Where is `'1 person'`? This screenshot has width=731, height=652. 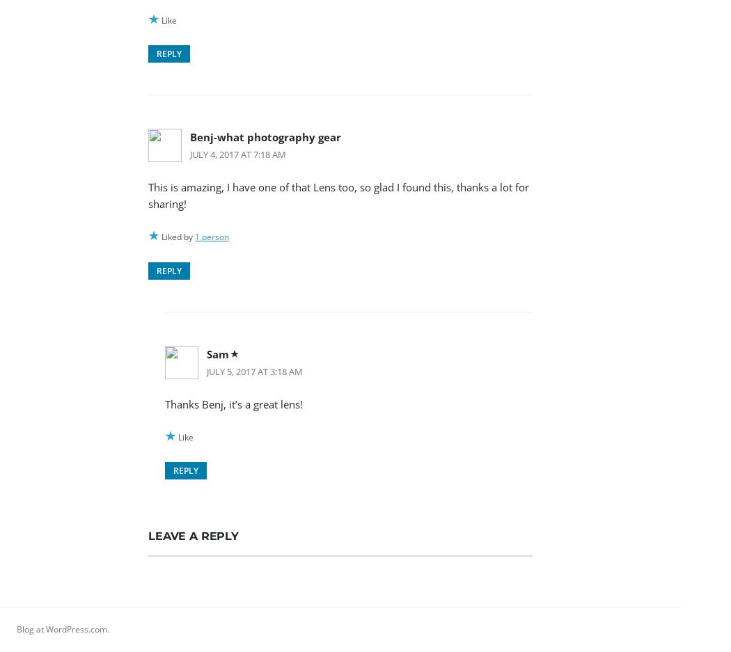 '1 person' is located at coordinates (212, 237).